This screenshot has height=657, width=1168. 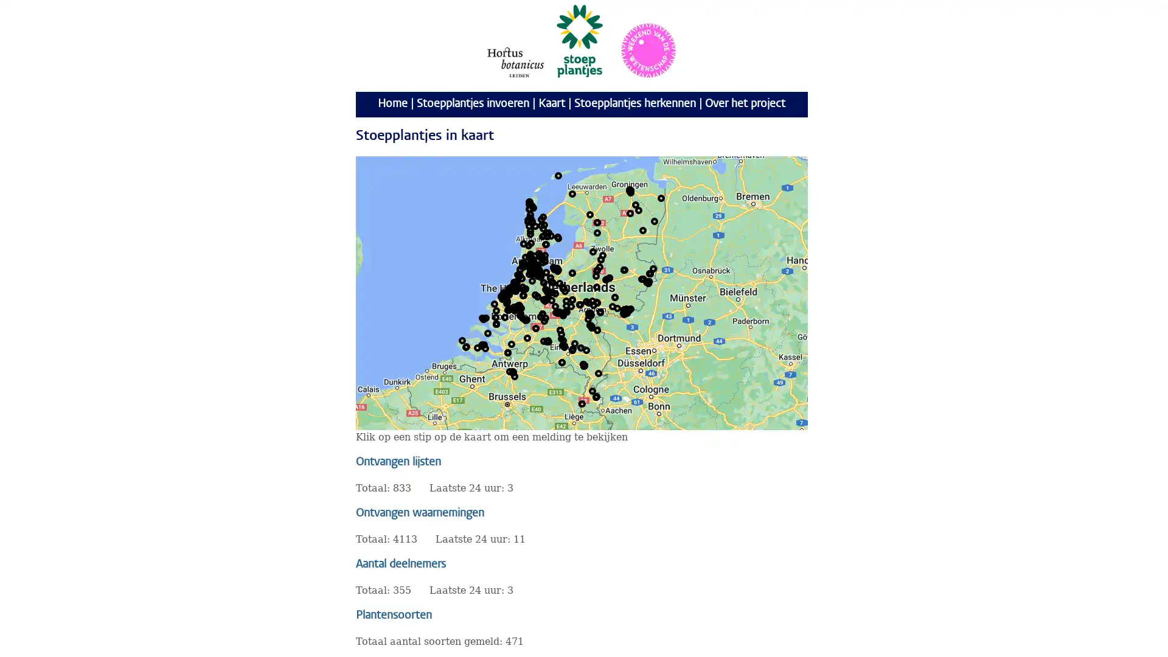 What do you see at coordinates (496, 323) in the screenshot?
I see `Telling van Evi op 03 juni 2022` at bounding box center [496, 323].